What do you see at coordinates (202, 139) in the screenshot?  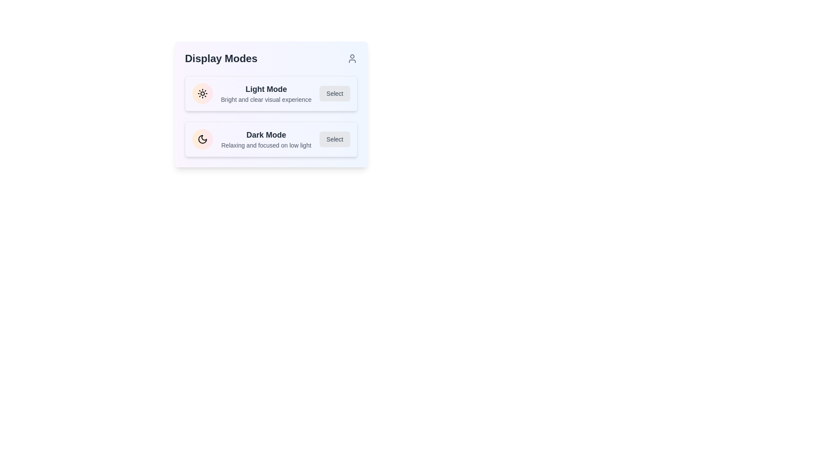 I see `the decorative SVG icon representing the 'Dark Mode' setting, located to the left of the 'Dark Mode' label` at bounding box center [202, 139].